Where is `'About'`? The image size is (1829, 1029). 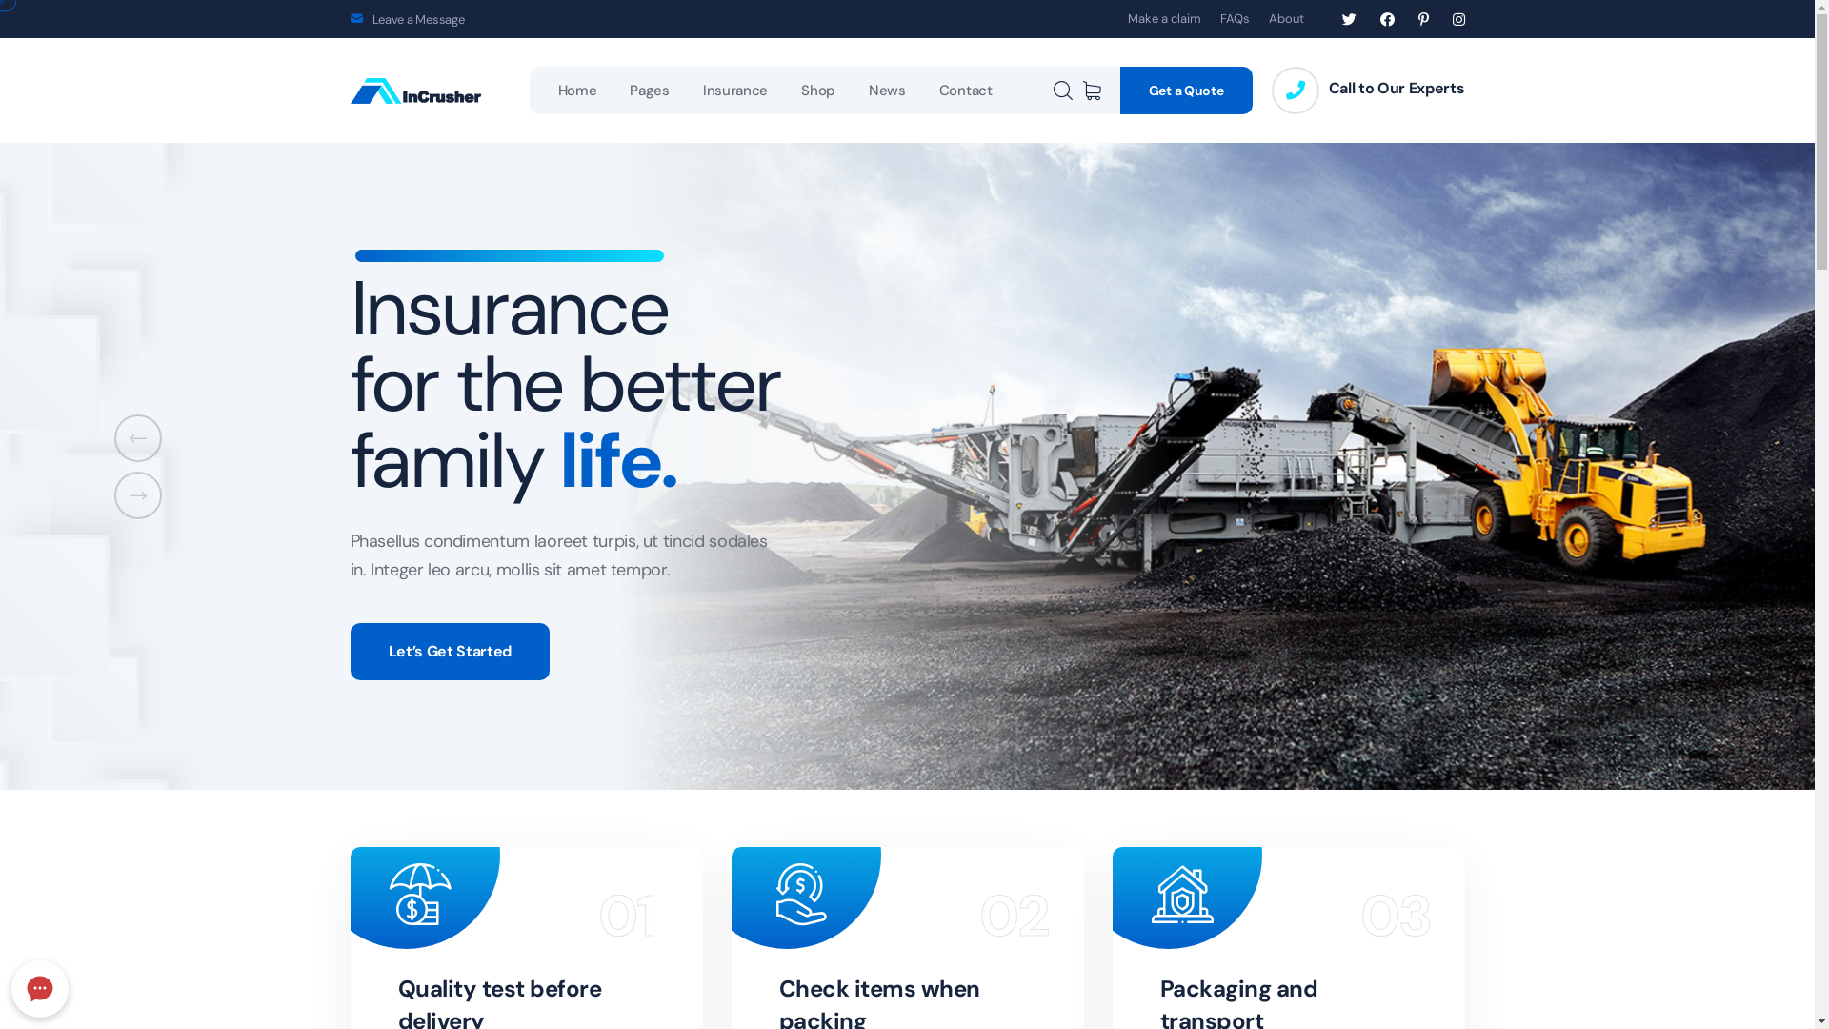 'About' is located at coordinates (1268, 18).